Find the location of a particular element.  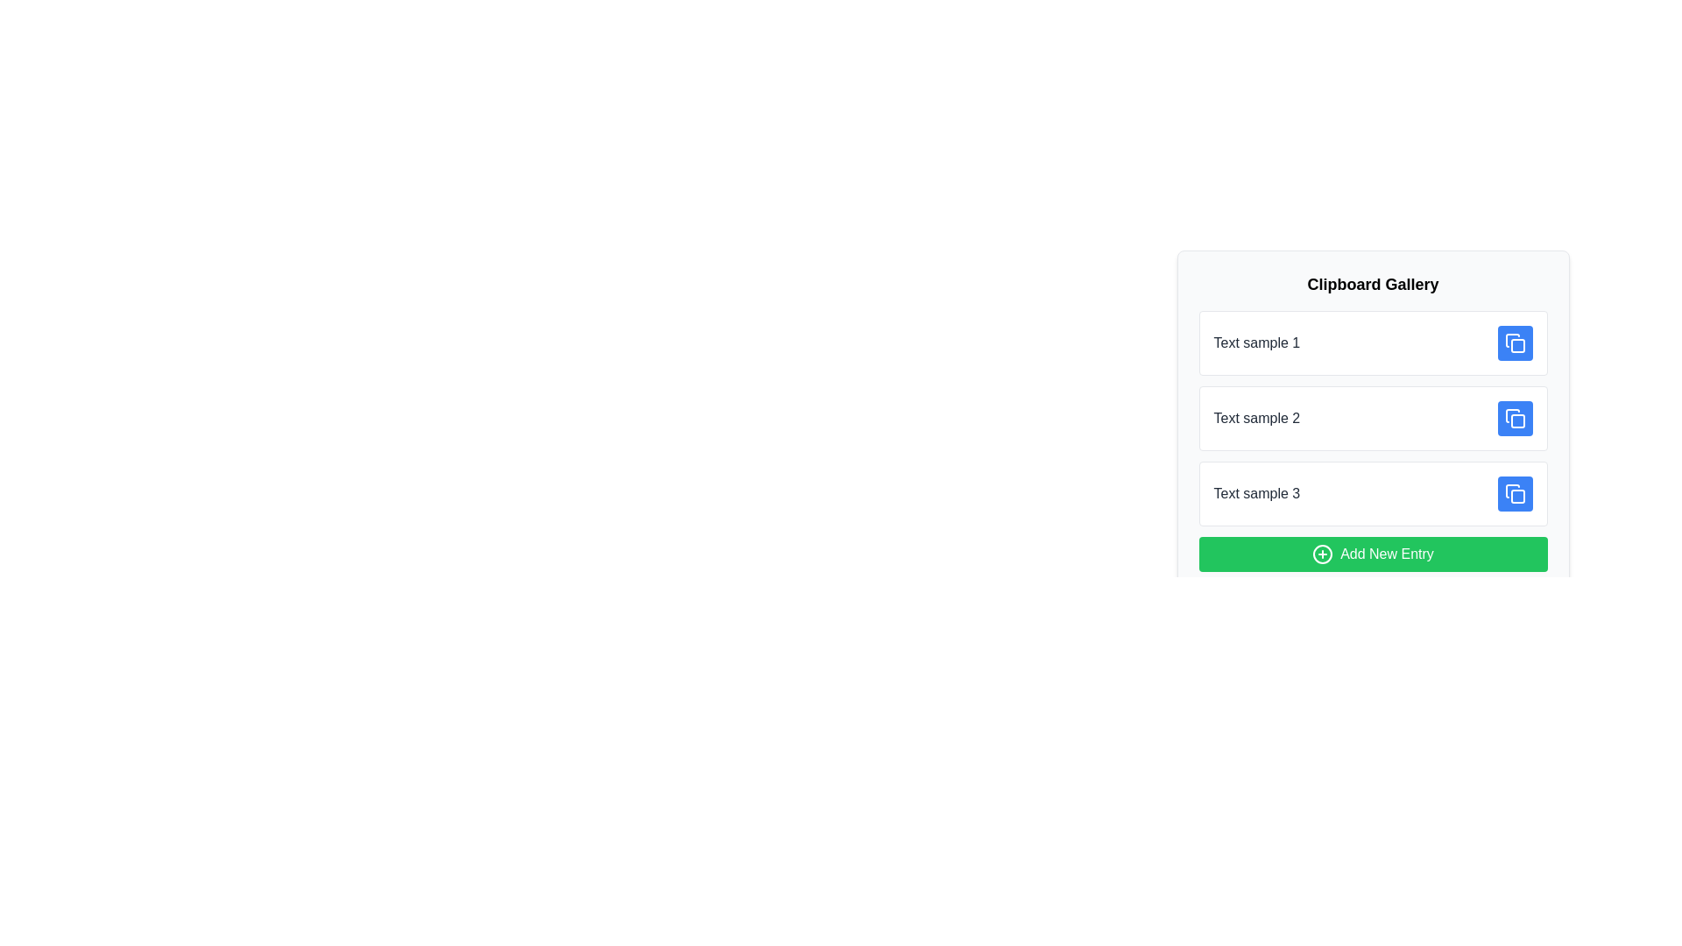

the blue rectangular icon with a duplicate symbol, located at the far right of the row associated with 'Text sample 1', to copy the content is located at coordinates (1514, 343).